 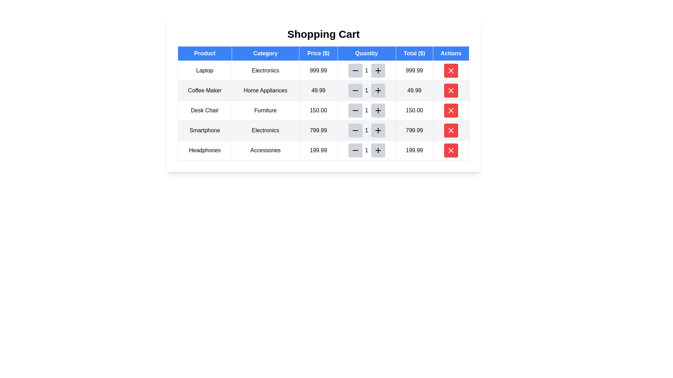 I want to click on the Close/Delete button located in the last column of the second row under the 'Actions' column, so click(x=451, y=90).